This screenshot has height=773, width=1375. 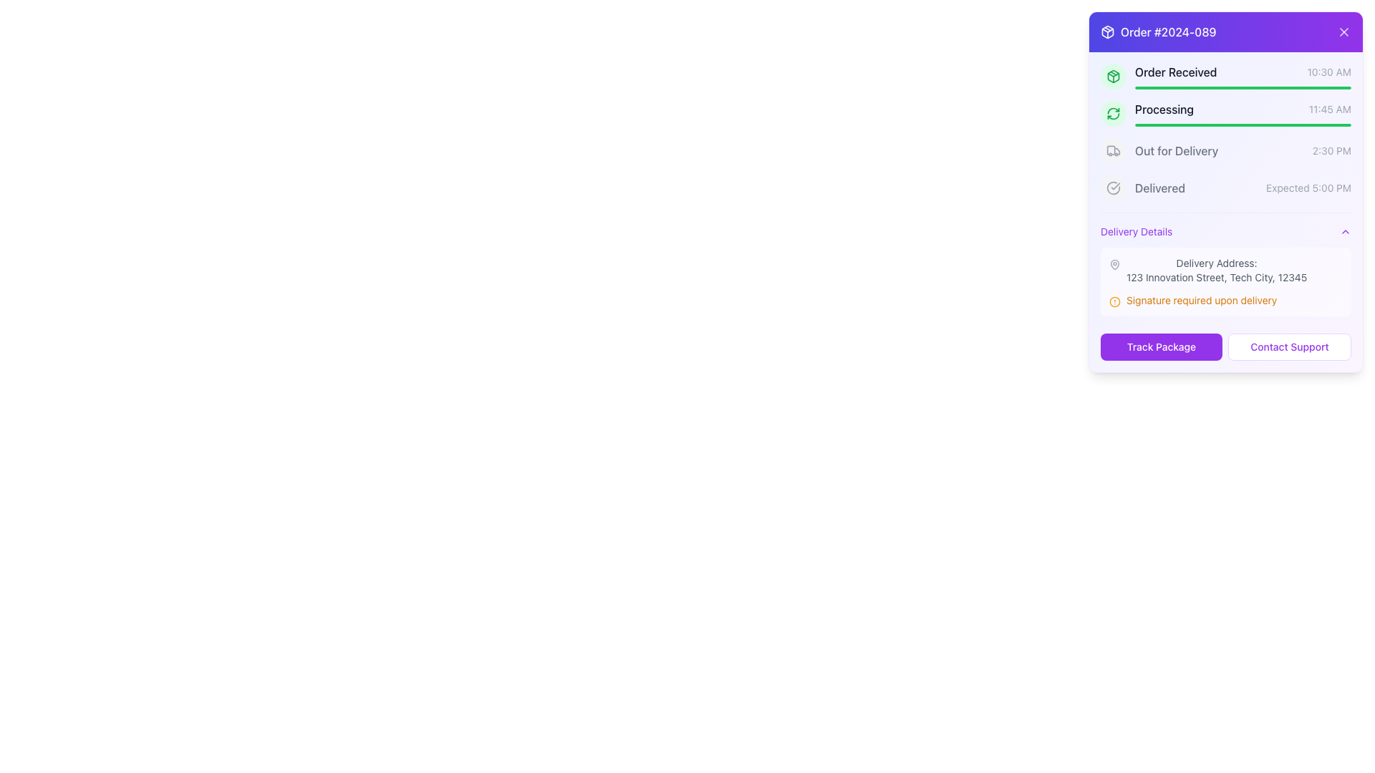 What do you see at coordinates (1114, 301) in the screenshot?
I see `the delivery warning icon located in the 'Delivery Details' section, adjacent to the signature requirements text` at bounding box center [1114, 301].